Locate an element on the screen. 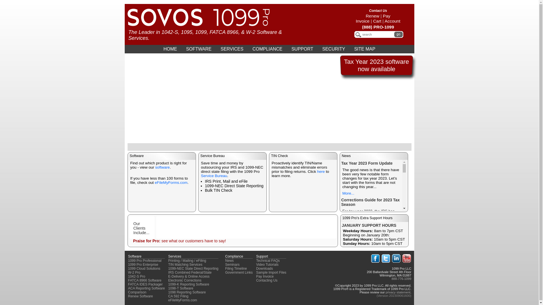 The height and width of the screenshot is (305, 543). 'SECURITY' is located at coordinates (333, 49).